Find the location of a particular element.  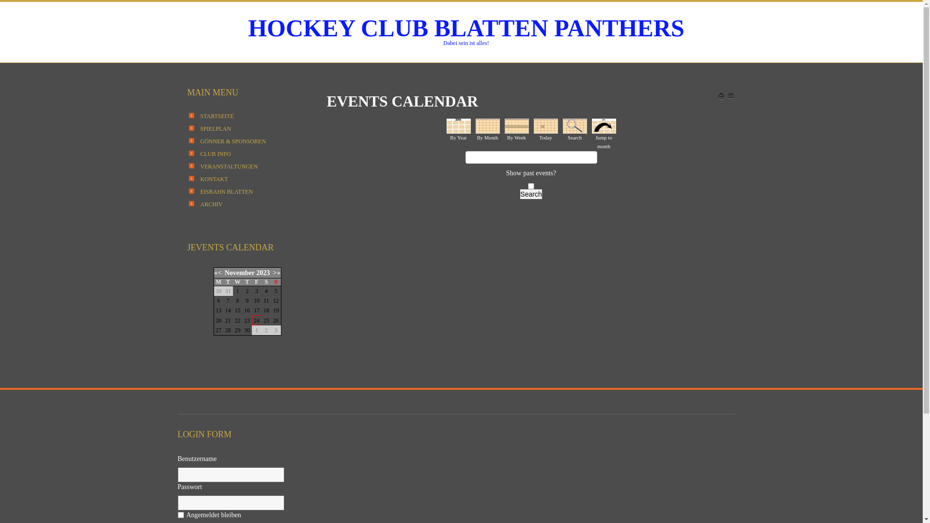

'26' is located at coordinates (276, 320).